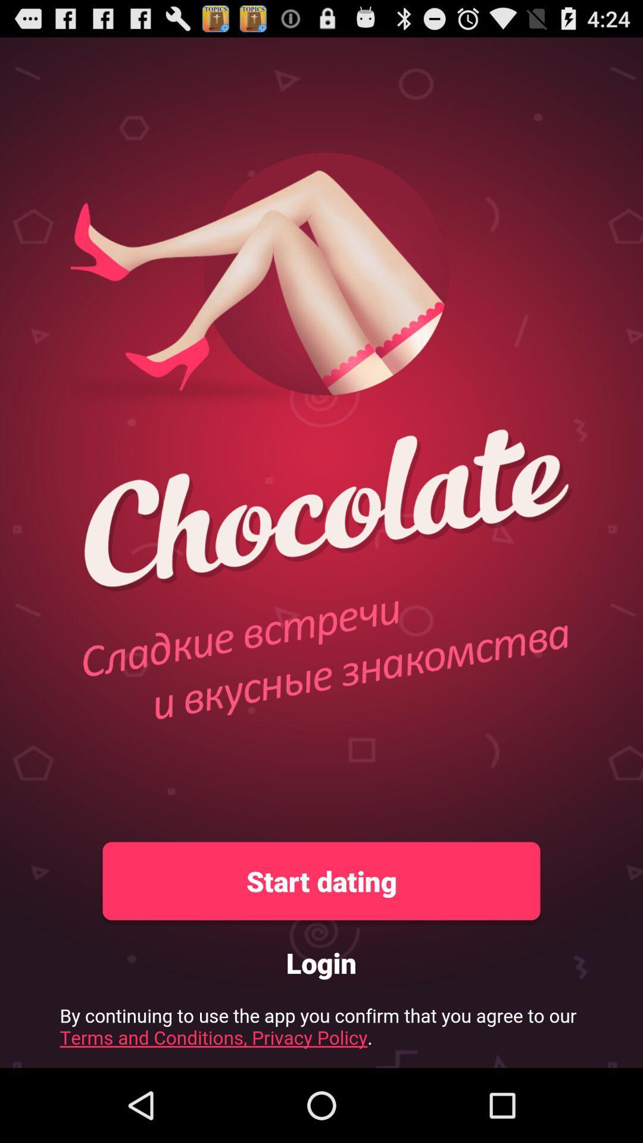  What do you see at coordinates (321, 1030) in the screenshot?
I see `adventisment page` at bounding box center [321, 1030].